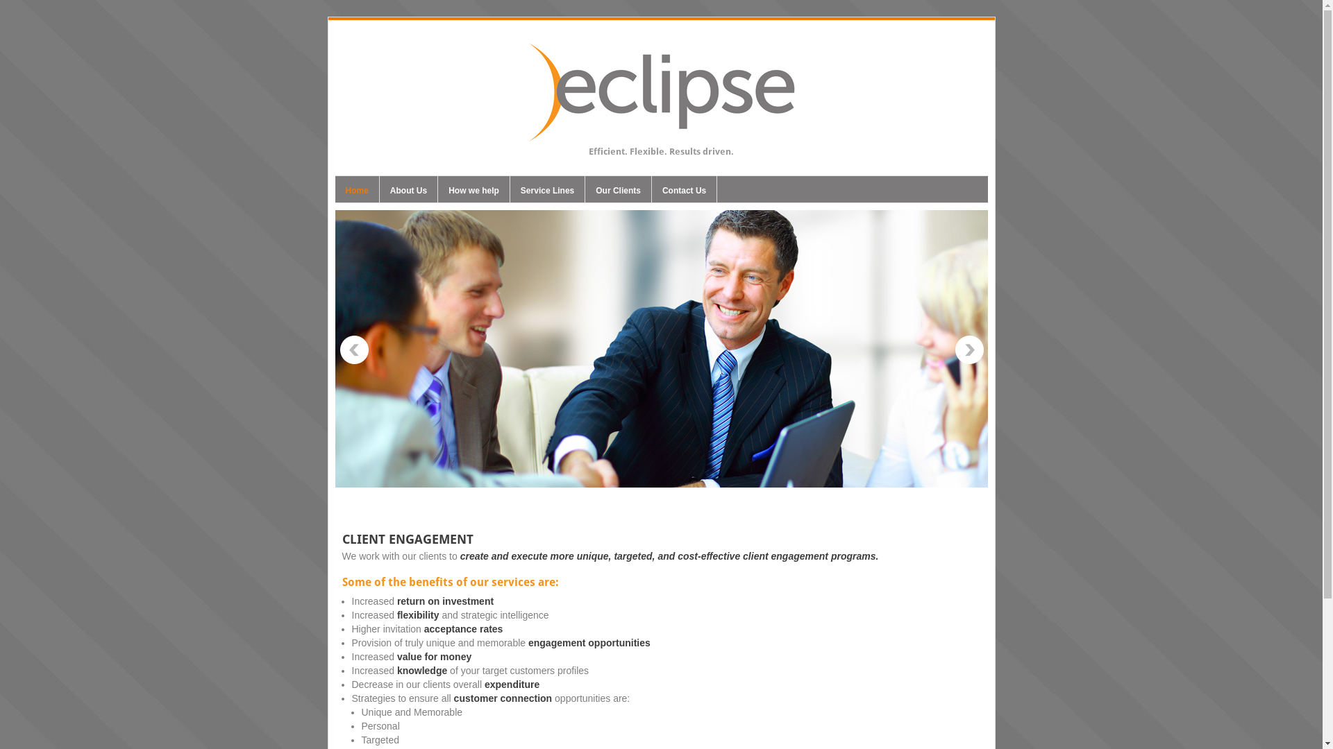 This screenshot has height=749, width=1333. Describe the element at coordinates (660, 135) in the screenshot. I see `'Eclipse'` at that location.